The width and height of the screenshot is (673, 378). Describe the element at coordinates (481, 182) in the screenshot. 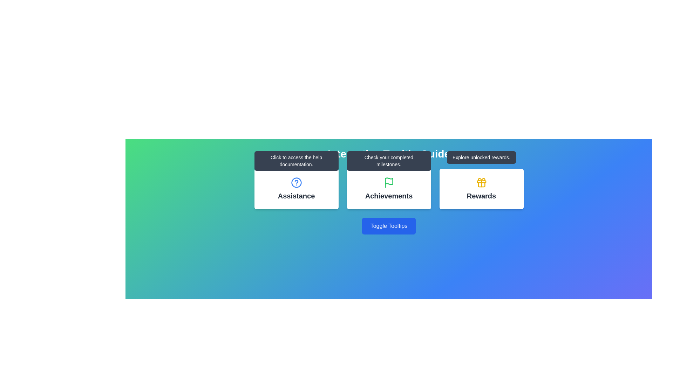

I see `the rewards icon, which symbolizes gifts or rewards, located on the right side of the interface beneath the tooltip 'Explore unlocked rewards'` at that location.